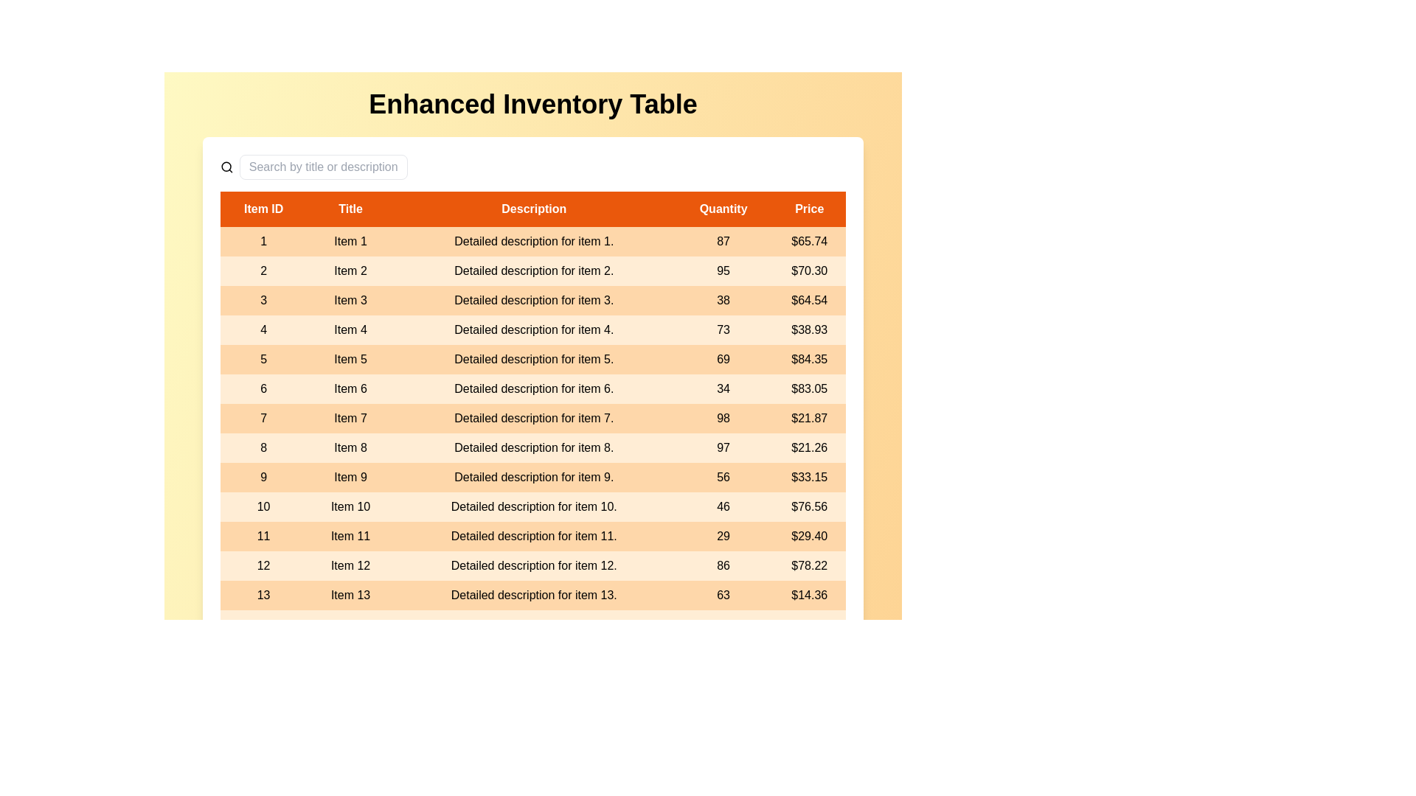 The height and width of the screenshot is (796, 1416). Describe the element at coordinates (808, 209) in the screenshot. I see `the column header Price to view additional information` at that location.